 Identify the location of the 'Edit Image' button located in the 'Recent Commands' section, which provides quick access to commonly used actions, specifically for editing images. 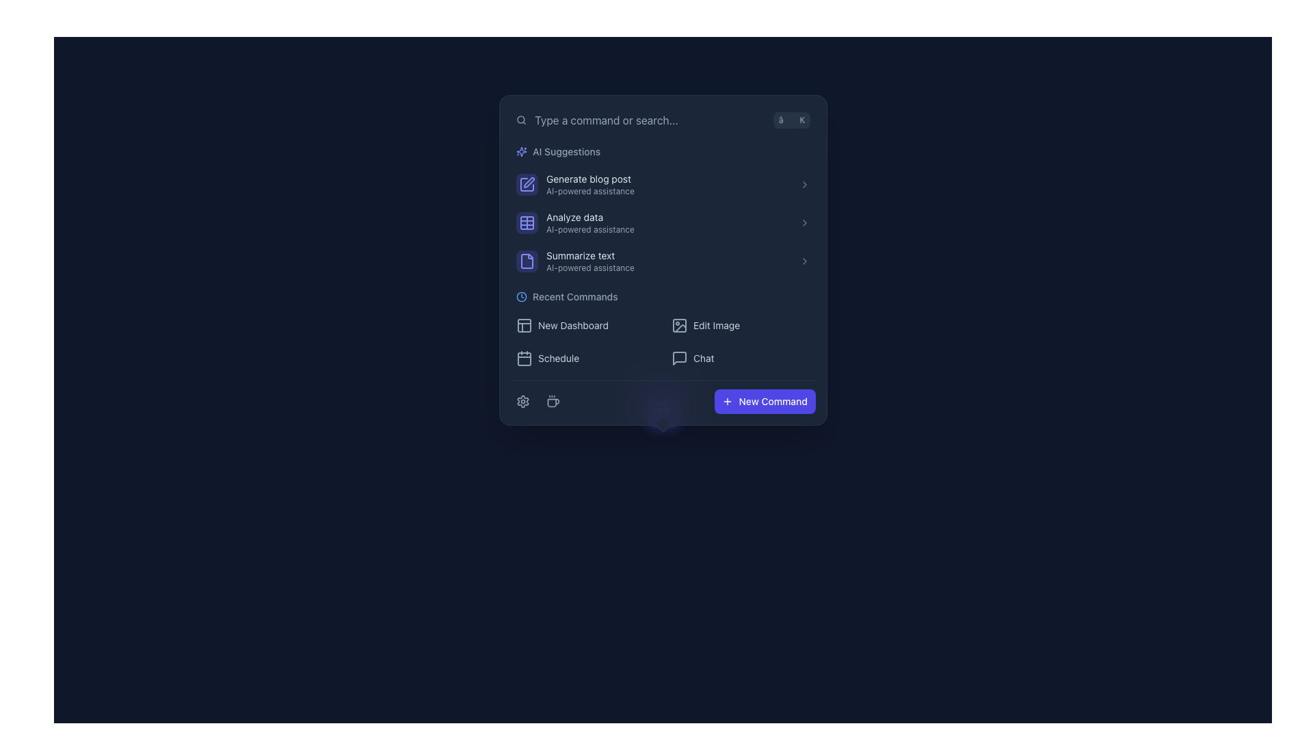
(663, 330).